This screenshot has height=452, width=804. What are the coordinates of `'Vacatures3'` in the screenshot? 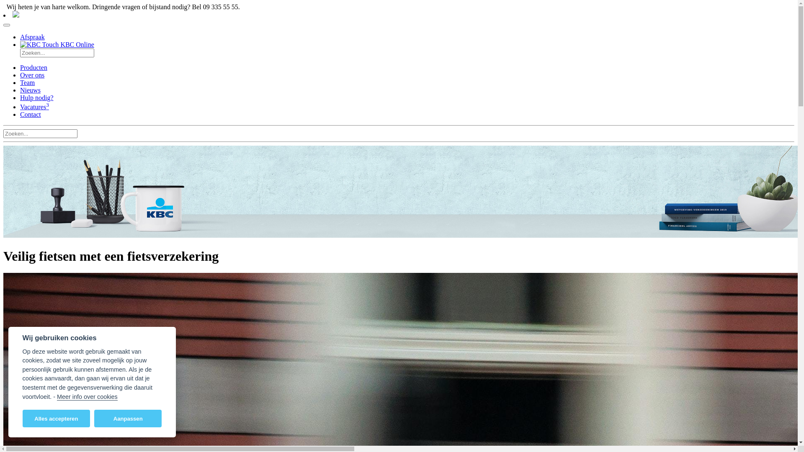 It's located at (34, 106).